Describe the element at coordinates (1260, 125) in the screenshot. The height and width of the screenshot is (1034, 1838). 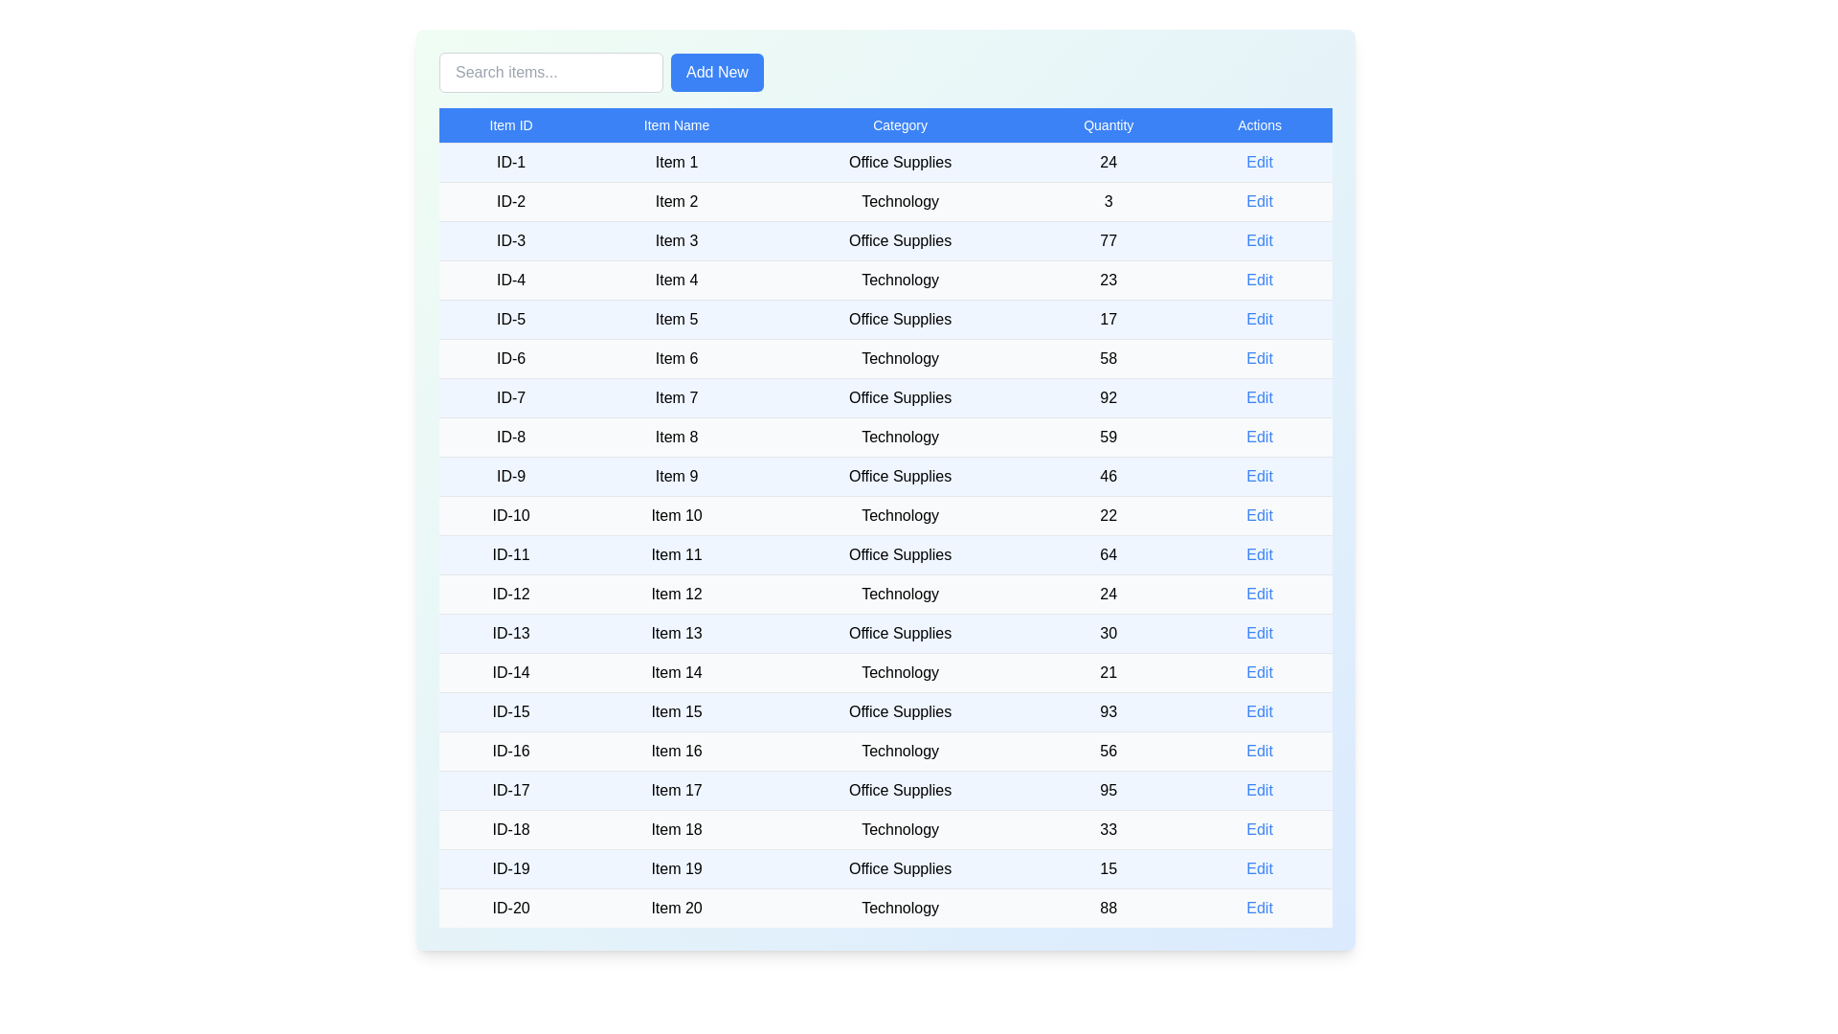
I see `the column header Actions to sort the table by that column` at that location.